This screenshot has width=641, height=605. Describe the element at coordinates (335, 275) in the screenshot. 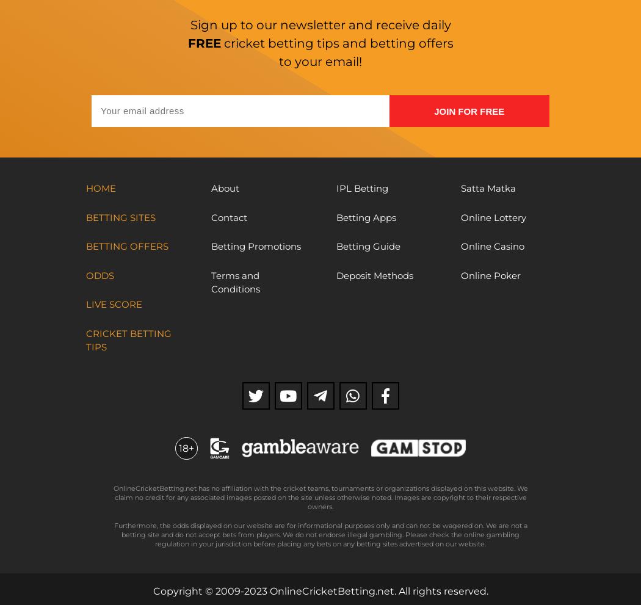

I see `'Deposit Methods'` at that location.